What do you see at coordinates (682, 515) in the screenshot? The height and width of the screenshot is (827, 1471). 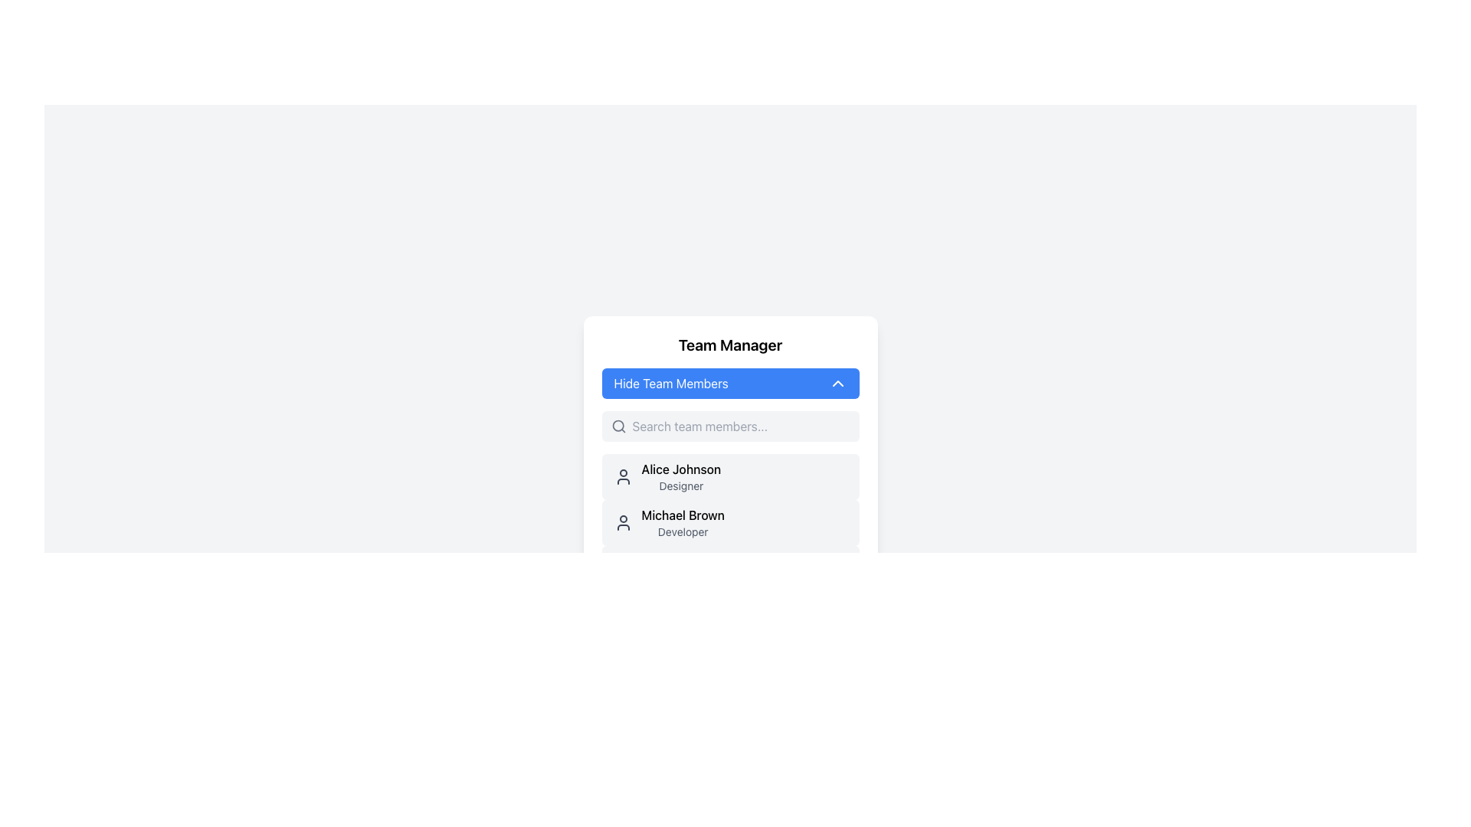 I see `the text label displaying 'Michael Brown', which is a bold, sans-serif font positioned above 'Developer' in a vertical list below 'Team Manager'` at bounding box center [682, 515].